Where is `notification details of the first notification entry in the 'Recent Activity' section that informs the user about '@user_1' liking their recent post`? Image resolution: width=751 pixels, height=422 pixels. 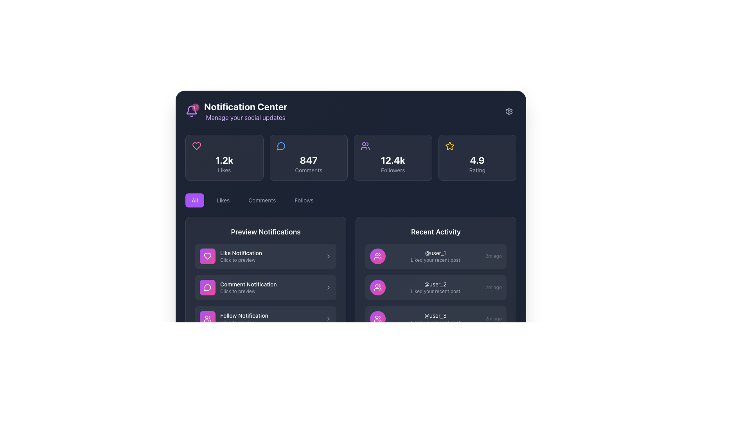
notification details of the first notification entry in the 'Recent Activity' section that informs the user about '@user_1' liking their recent post is located at coordinates (435, 256).